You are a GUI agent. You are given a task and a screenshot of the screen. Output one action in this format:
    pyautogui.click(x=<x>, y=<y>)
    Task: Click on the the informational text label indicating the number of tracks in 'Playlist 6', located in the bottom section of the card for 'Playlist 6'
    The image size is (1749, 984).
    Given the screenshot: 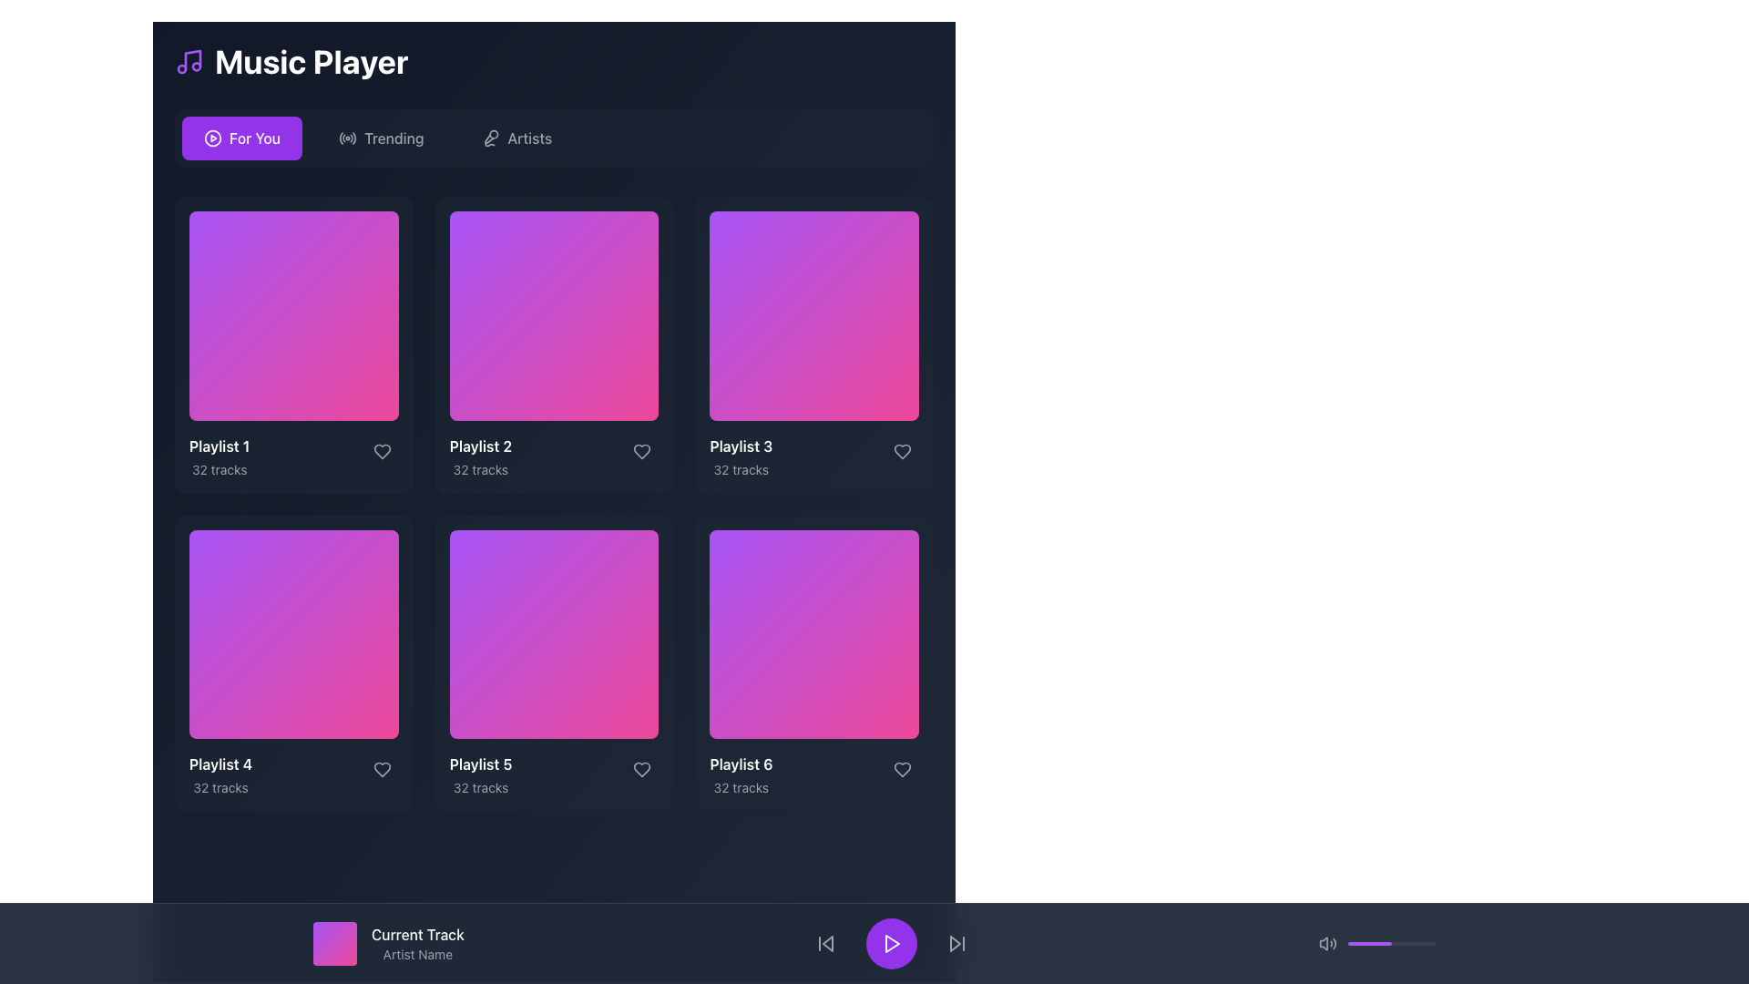 What is the action you would take?
    pyautogui.click(x=741, y=787)
    